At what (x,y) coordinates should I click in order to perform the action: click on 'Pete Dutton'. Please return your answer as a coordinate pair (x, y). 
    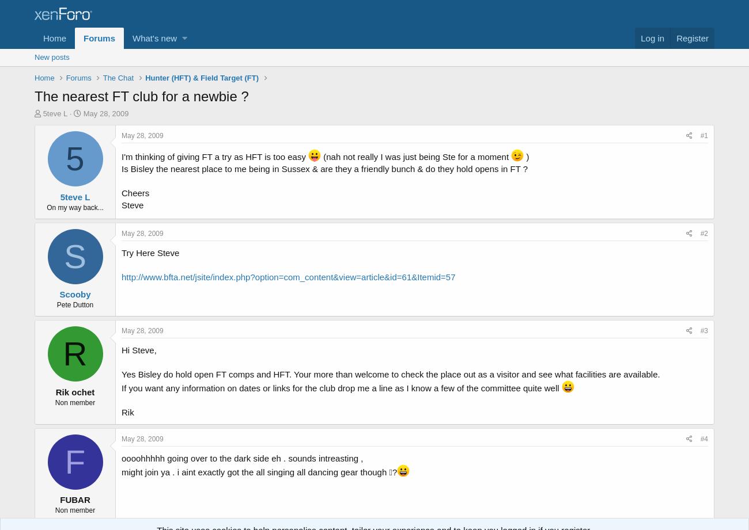
    Looking at the image, I should click on (74, 304).